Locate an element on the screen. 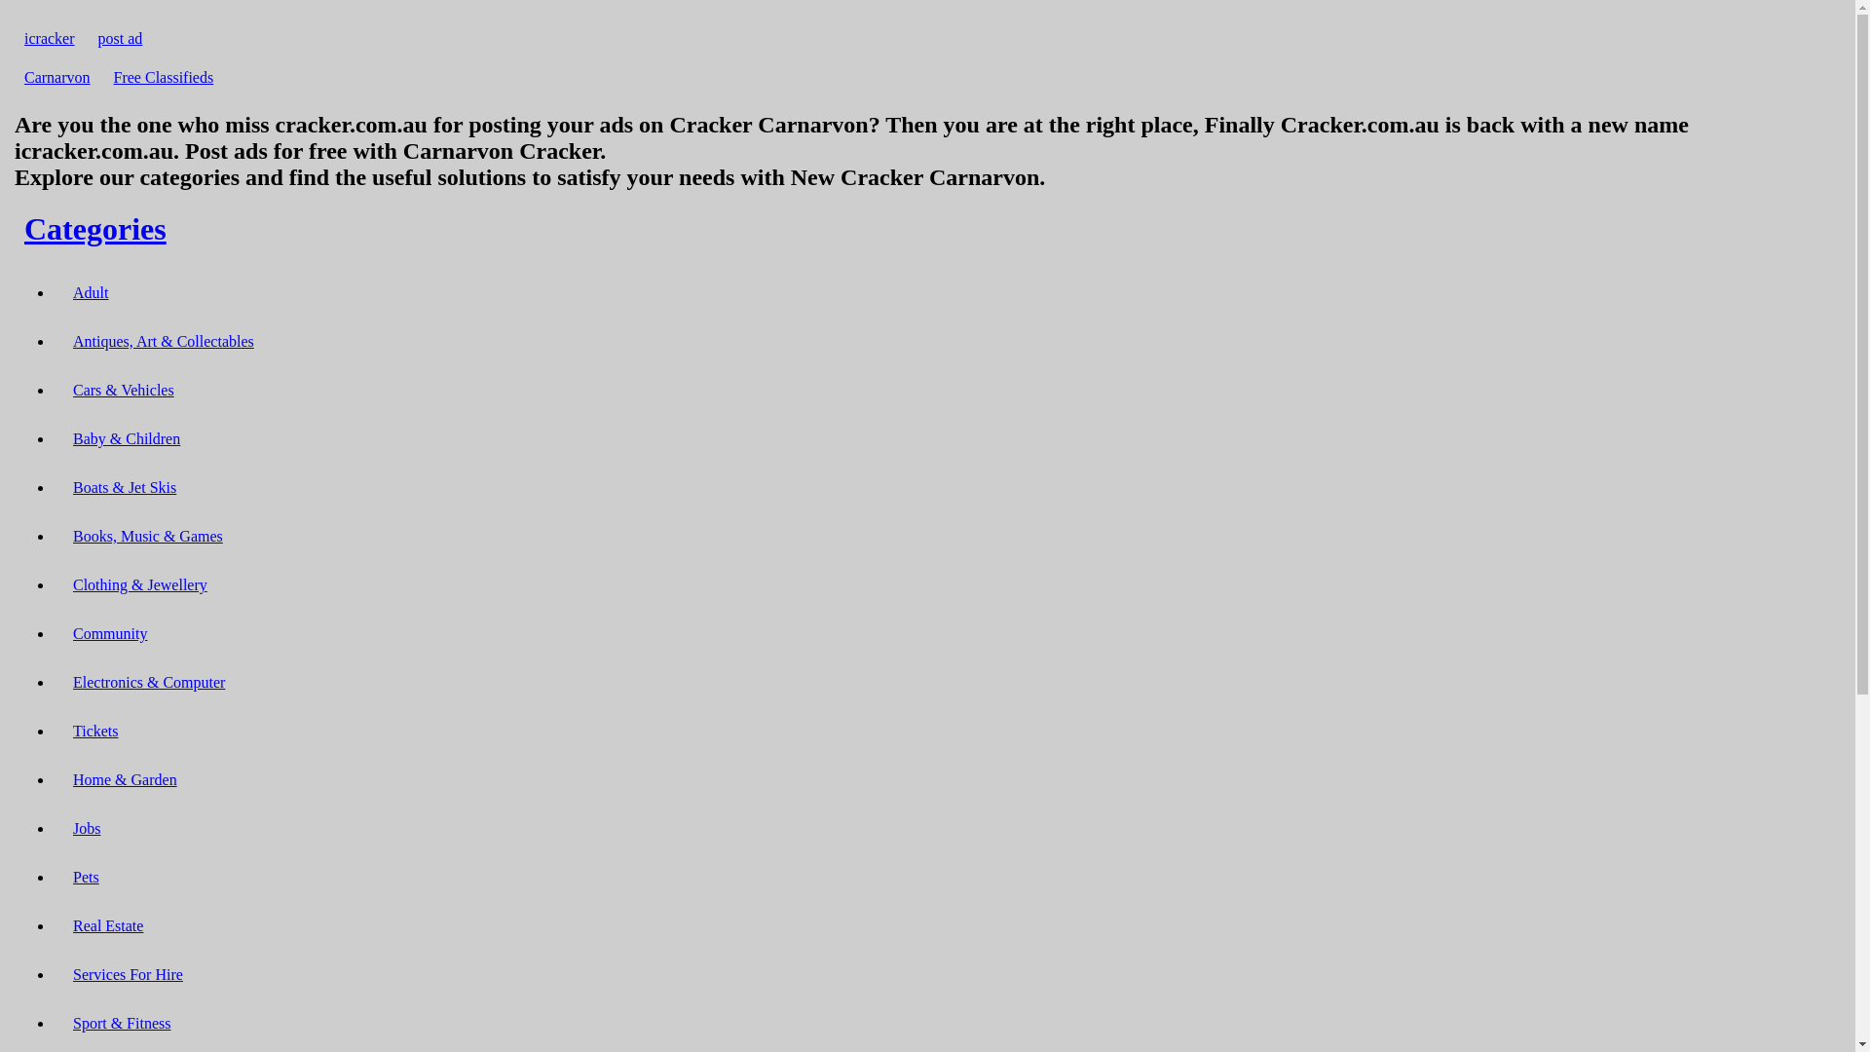 The width and height of the screenshot is (1870, 1052). 'Pets' is located at coordinates (85, 877).